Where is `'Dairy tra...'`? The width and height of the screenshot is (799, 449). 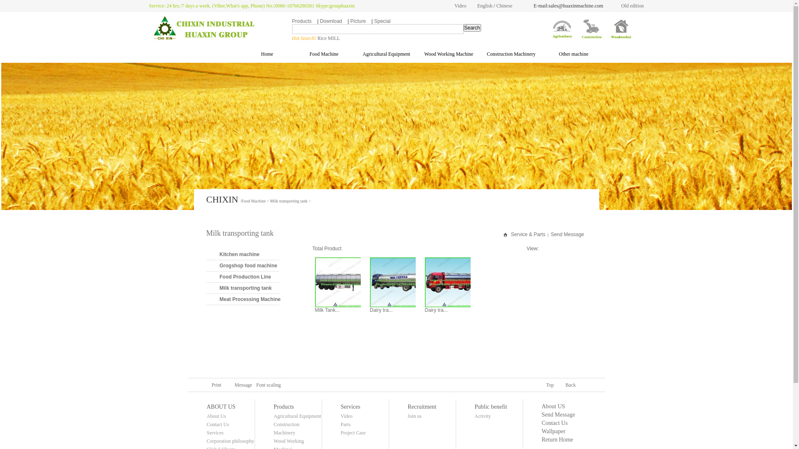 'Dairy tra...' is located at coordinates (380, 310).